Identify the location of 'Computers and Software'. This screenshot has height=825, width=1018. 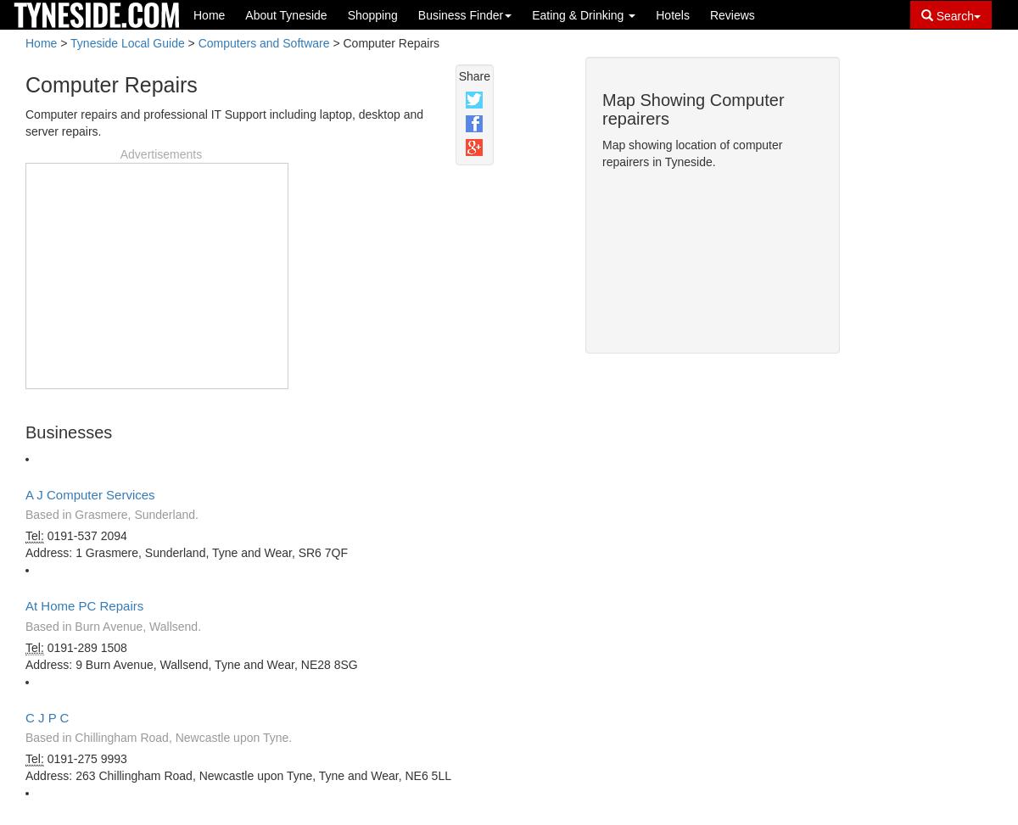
(263, 42).